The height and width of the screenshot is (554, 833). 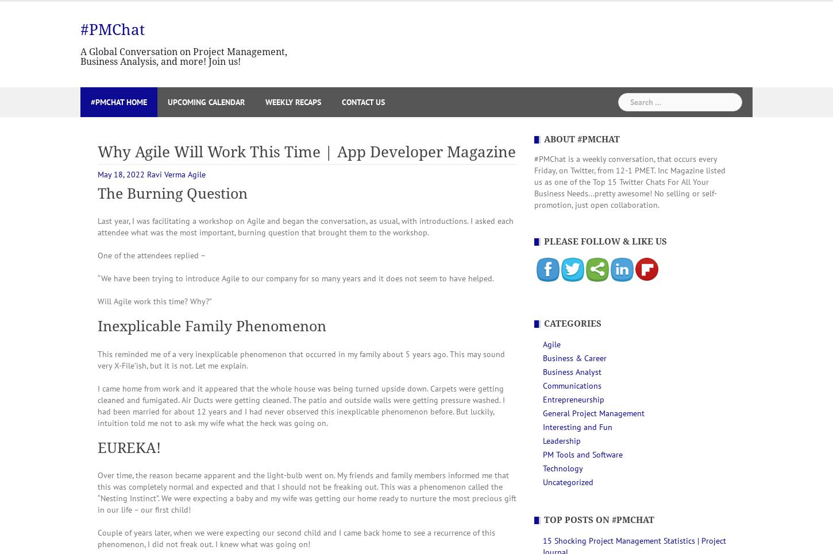 I want to click on 'Leadership', so click(x=562, y=439).